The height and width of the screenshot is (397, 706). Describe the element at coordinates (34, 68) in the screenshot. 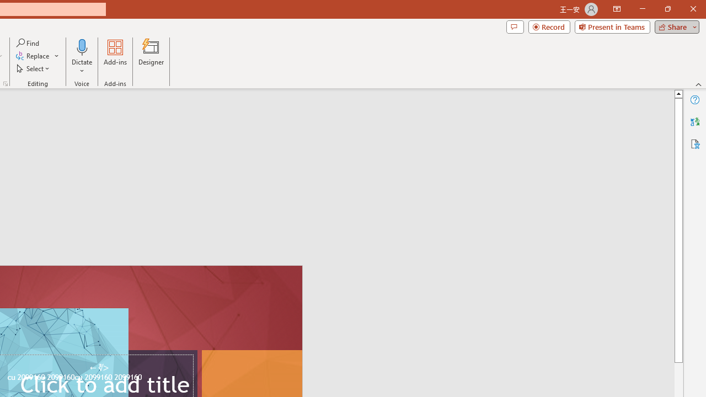

I see `'Select'` at that location.